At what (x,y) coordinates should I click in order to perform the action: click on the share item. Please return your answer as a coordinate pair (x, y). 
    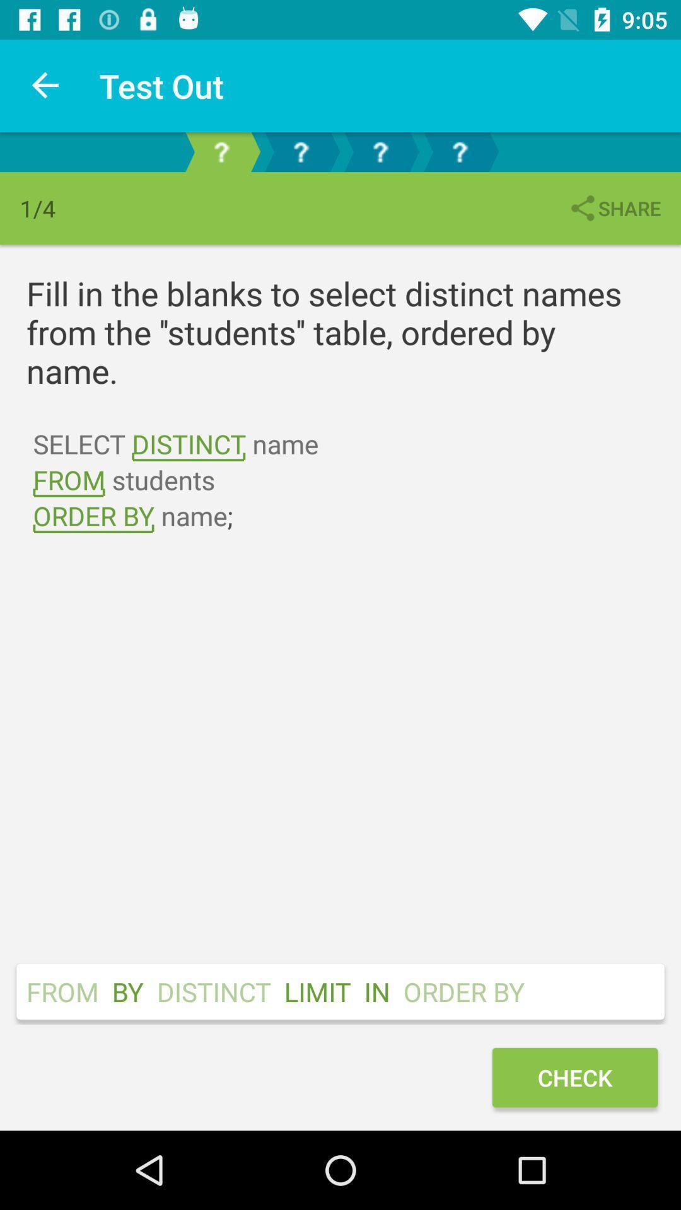
    Looking at the image, I should click on (614, 208).